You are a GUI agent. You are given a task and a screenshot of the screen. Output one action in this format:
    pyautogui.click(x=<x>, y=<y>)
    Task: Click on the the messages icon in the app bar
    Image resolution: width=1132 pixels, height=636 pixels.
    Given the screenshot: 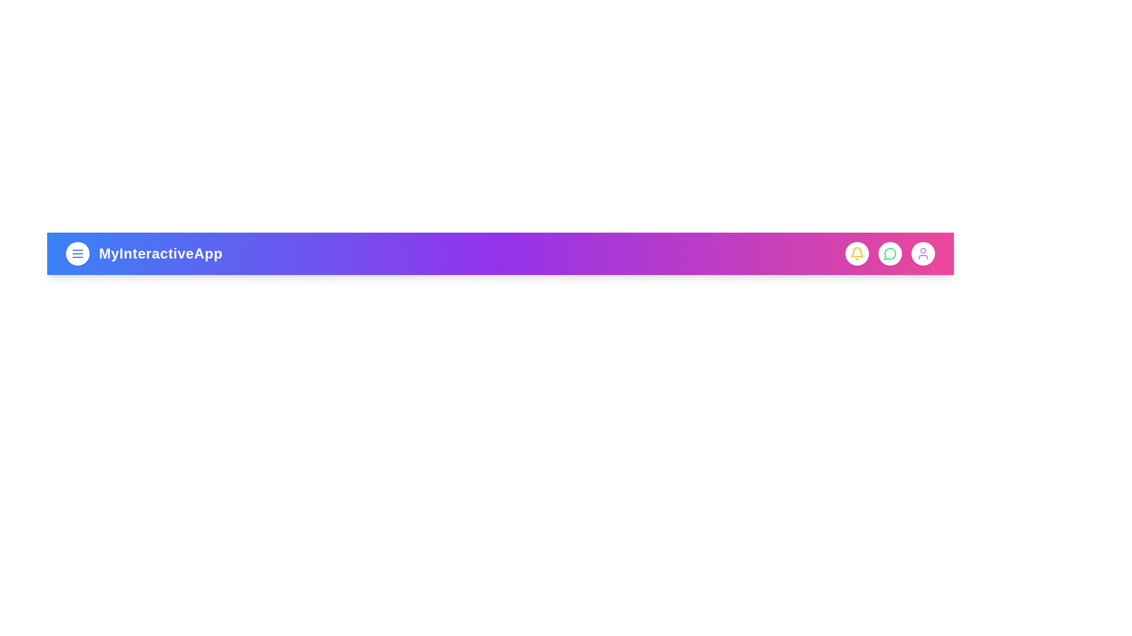 What is the action you would take?
    pyautogui.click(x=890, y=253)
    